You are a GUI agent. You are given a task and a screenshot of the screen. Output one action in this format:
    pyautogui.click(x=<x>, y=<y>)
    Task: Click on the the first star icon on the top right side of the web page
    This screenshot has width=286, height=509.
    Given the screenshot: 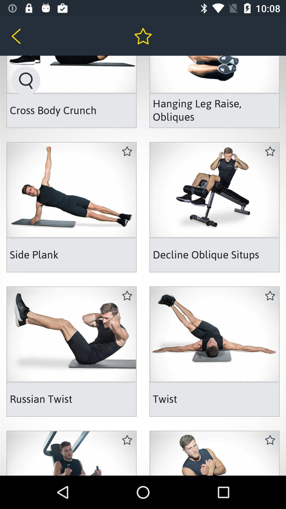 What is the action you would take?
    pyautogui.click(x=270, y=151)
    